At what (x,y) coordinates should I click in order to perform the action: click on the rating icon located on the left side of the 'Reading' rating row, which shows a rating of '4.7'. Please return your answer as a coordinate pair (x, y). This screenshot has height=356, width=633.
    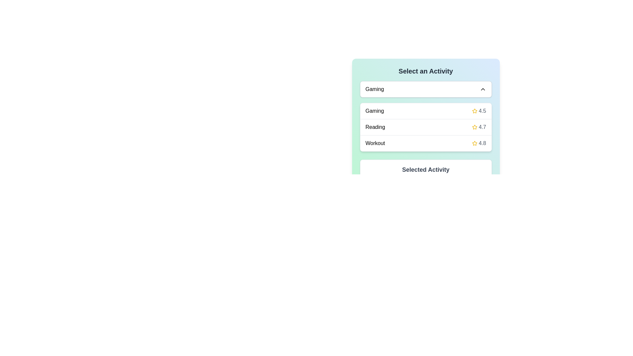
    Looking at the image, I should click on (475, 127).